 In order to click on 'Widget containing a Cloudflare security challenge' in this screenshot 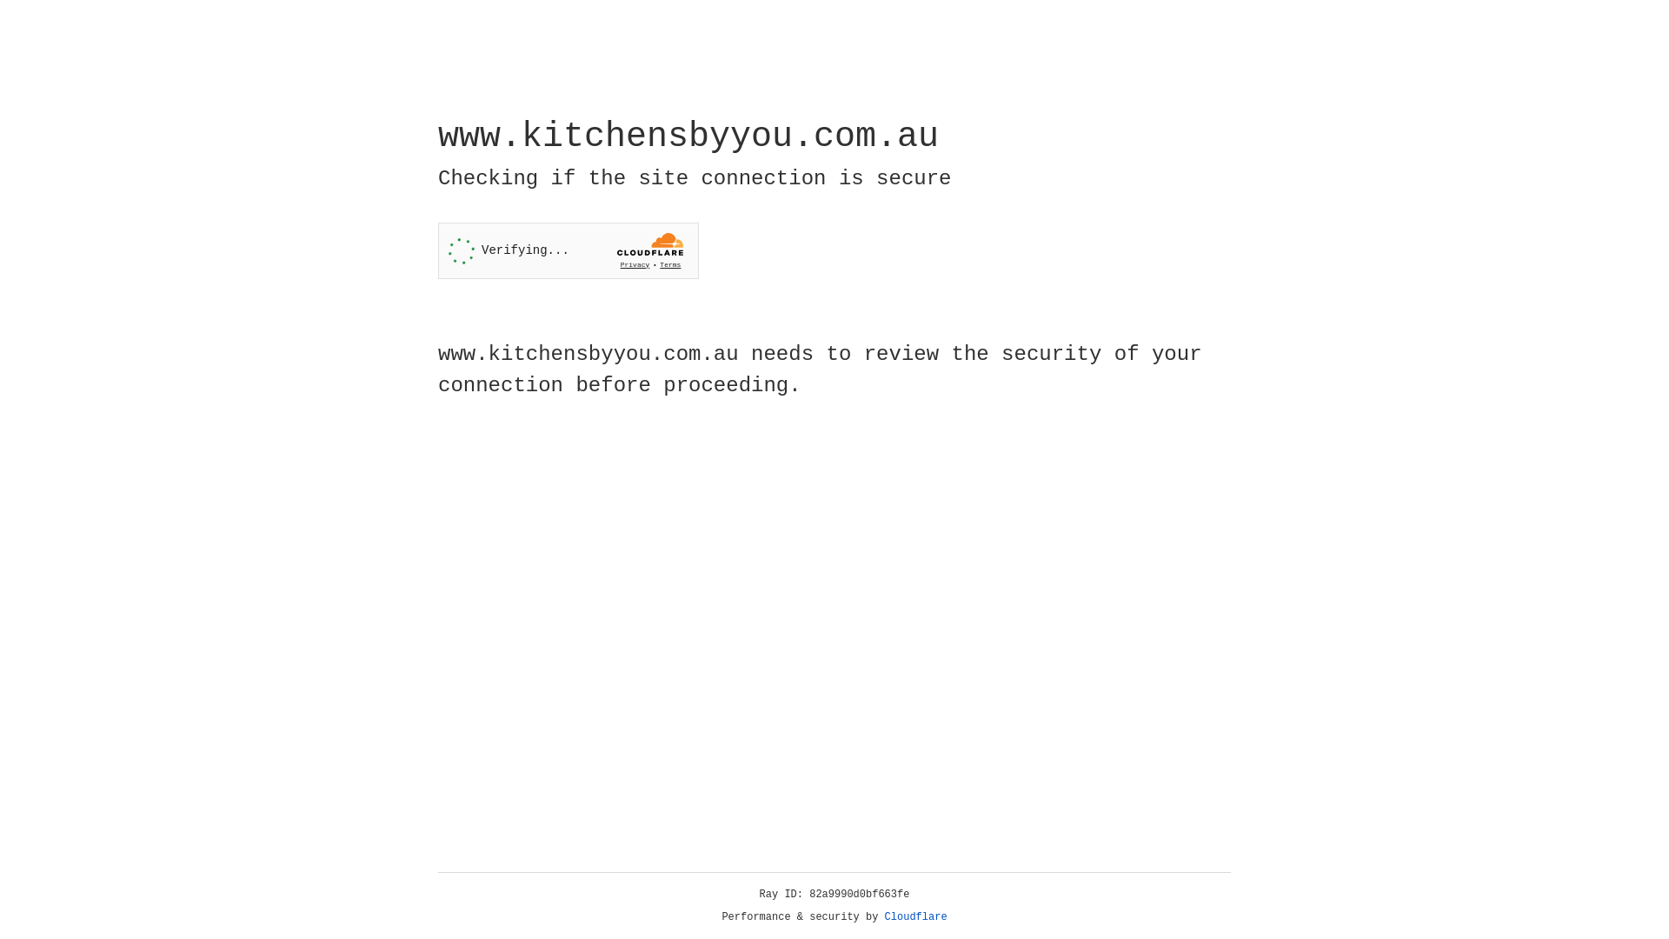, I will do `click(568, 250)`.